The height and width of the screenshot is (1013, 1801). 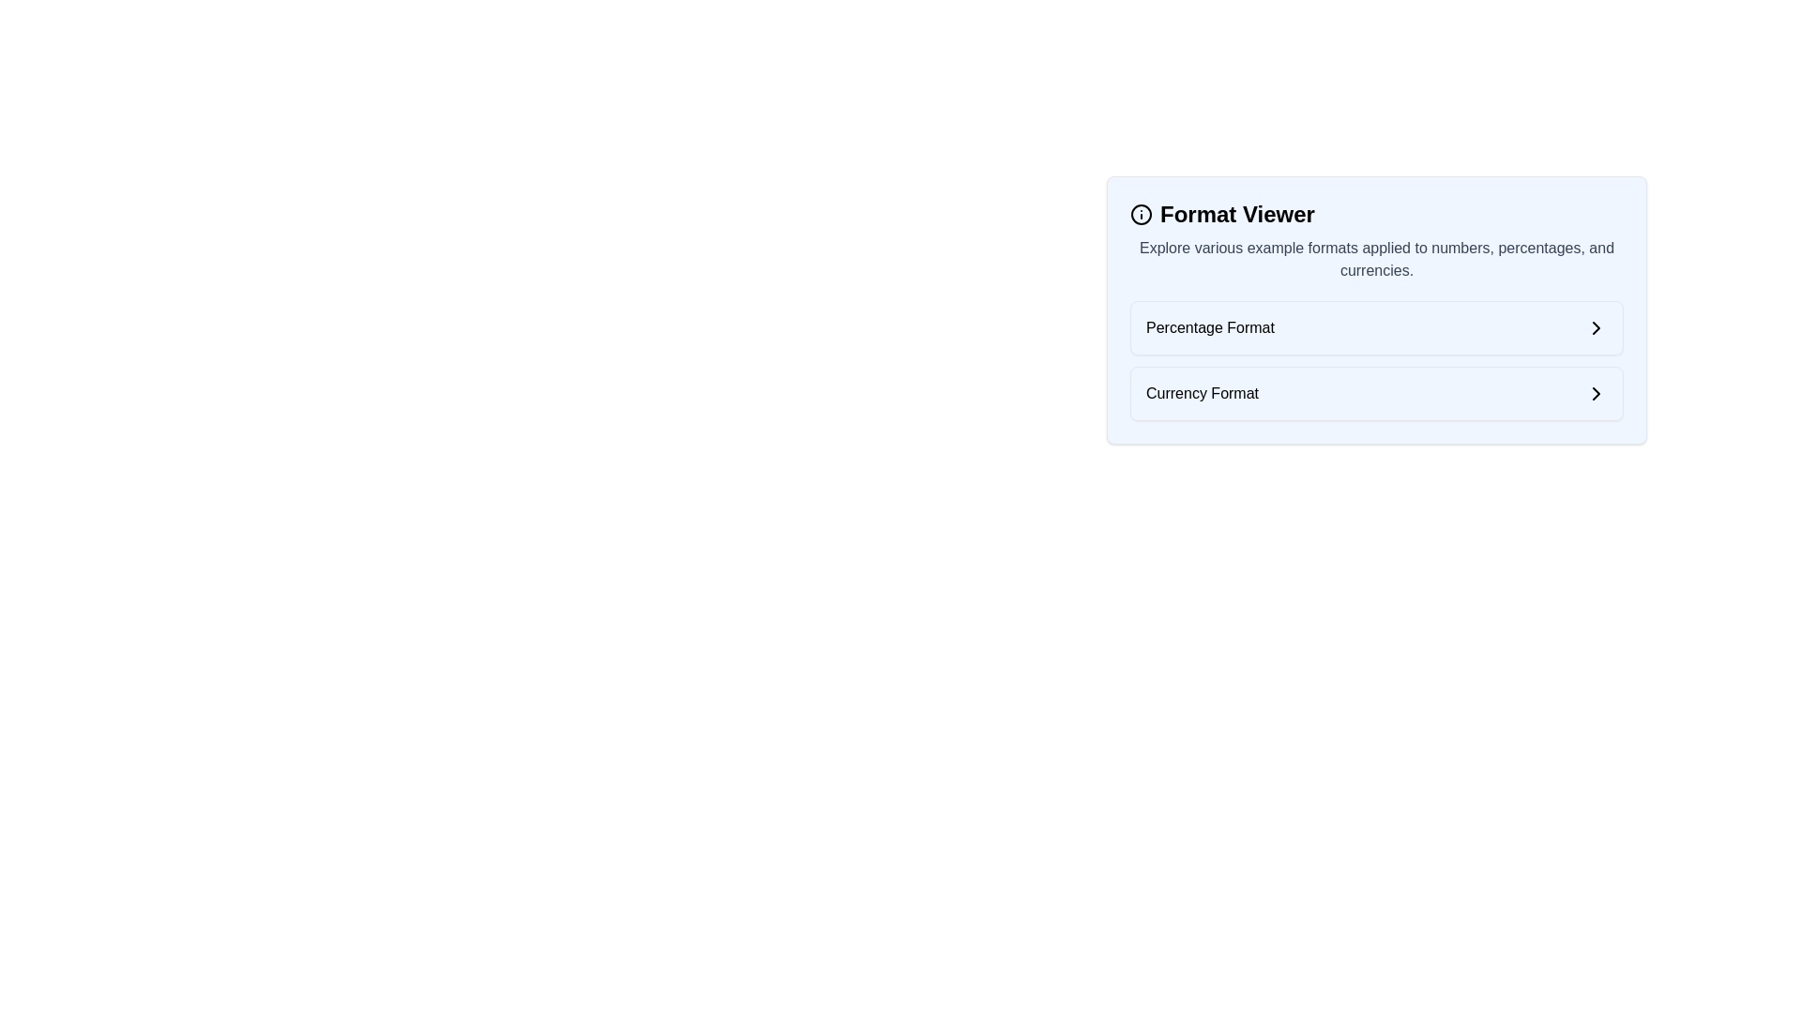 What do you see at coordinates (1141, 213) in the screenshot?
I see `the design of the informational icon located directly to the left of the text 'Format Viewer'` at bounding box center [1141, 213].